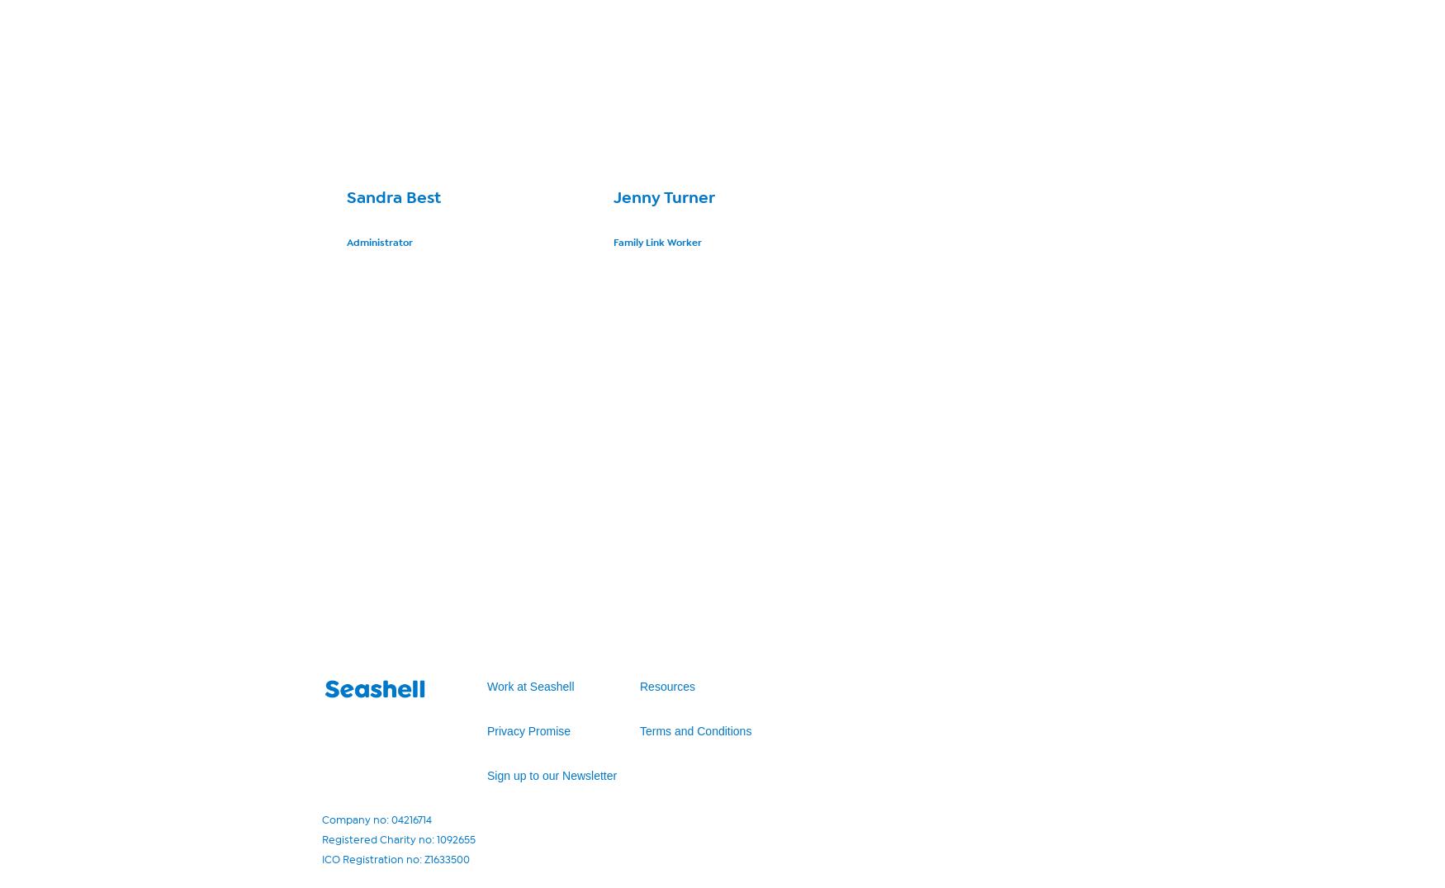  Describe the element at coordinates (663, 197) in the screenshot. I see `'Jenny Turner'` at that location.